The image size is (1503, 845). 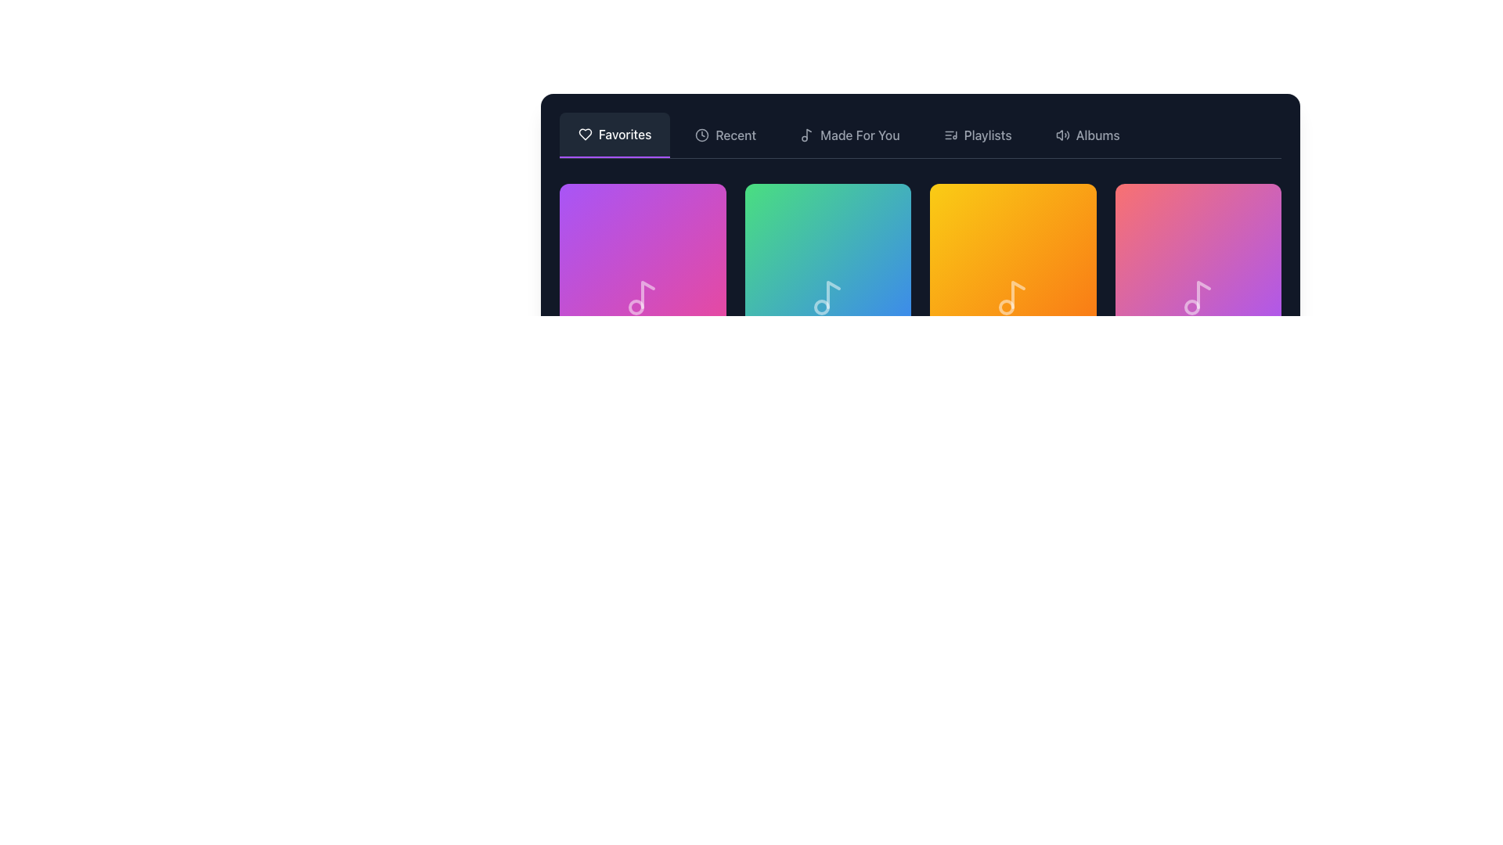 I want to click on the play control button located at the bottom-right corner of the purple tile, so click(x=695, y=301).